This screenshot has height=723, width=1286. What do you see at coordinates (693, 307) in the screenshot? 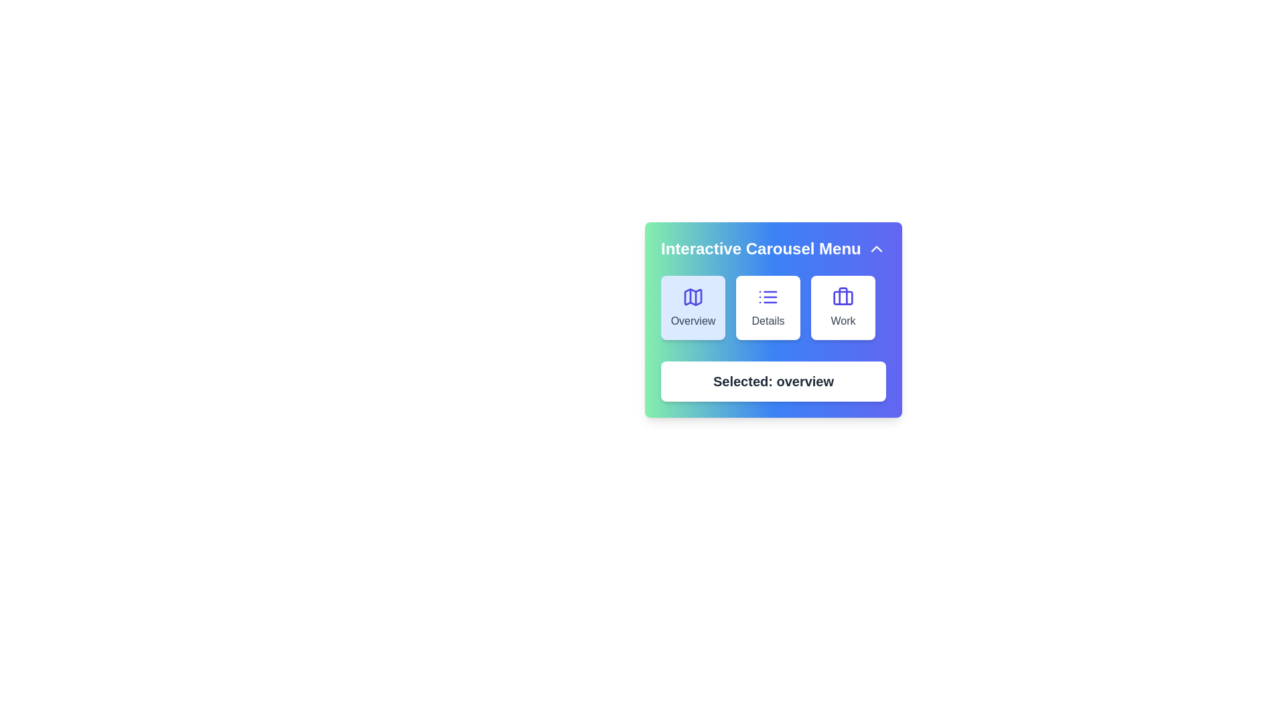
I see `the menu item Overview to reveal its hover effect` at bounding box center [693, 307].